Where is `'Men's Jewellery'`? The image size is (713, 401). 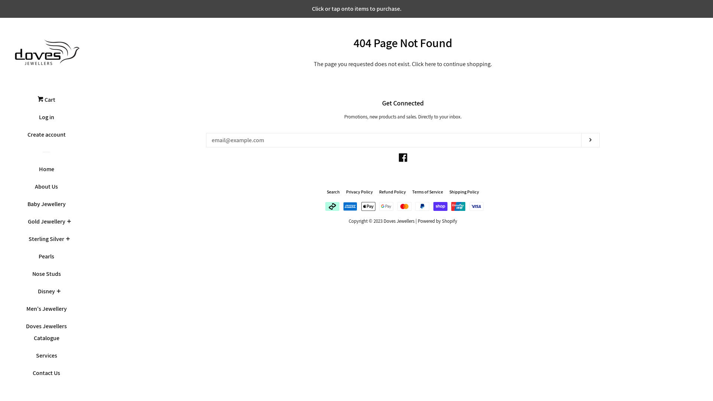 'Men's Jewellery' is located at coordinates (46, 312).